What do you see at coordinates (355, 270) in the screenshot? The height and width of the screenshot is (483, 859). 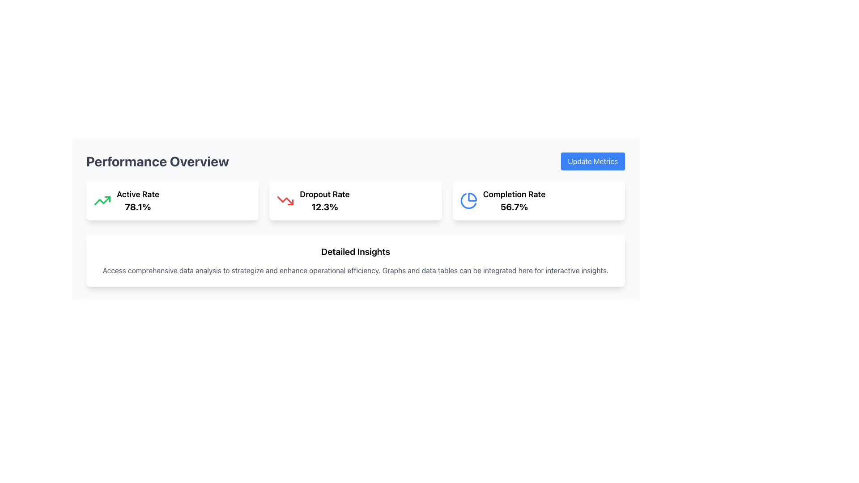 I see `the informative text content located below the 'Detailed Insights' title, which provides users with an understanding of the application's data analysis capabilities` at bounding box center [355, 270].